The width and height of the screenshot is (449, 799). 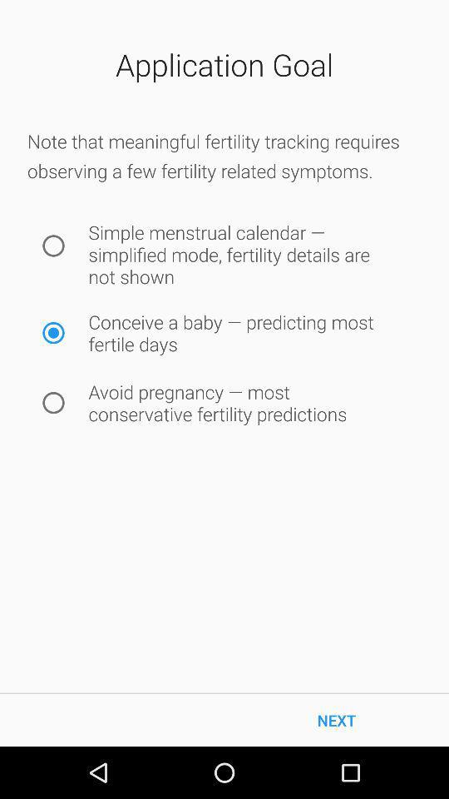 I want to click on this option, so click(x=53, y=402).